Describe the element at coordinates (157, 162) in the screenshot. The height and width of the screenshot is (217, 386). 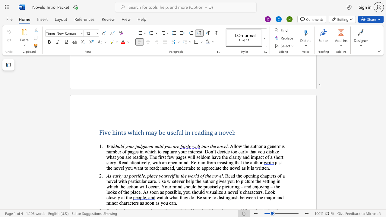
I see `the 10th character "i" in the text` at that location.